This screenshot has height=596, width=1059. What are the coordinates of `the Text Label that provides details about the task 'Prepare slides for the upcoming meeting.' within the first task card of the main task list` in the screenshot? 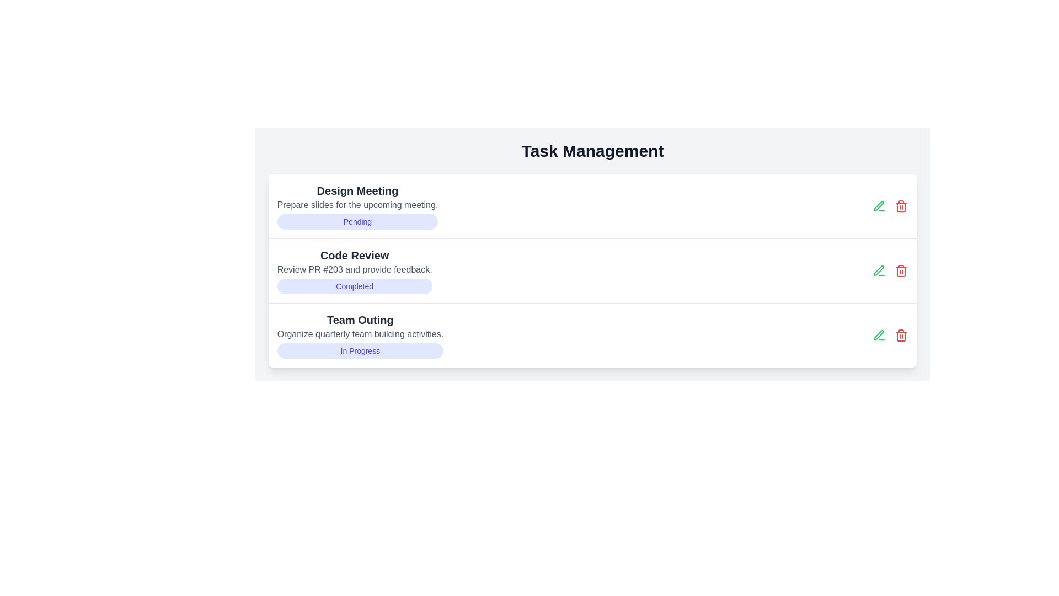 It's located at (357, 205).